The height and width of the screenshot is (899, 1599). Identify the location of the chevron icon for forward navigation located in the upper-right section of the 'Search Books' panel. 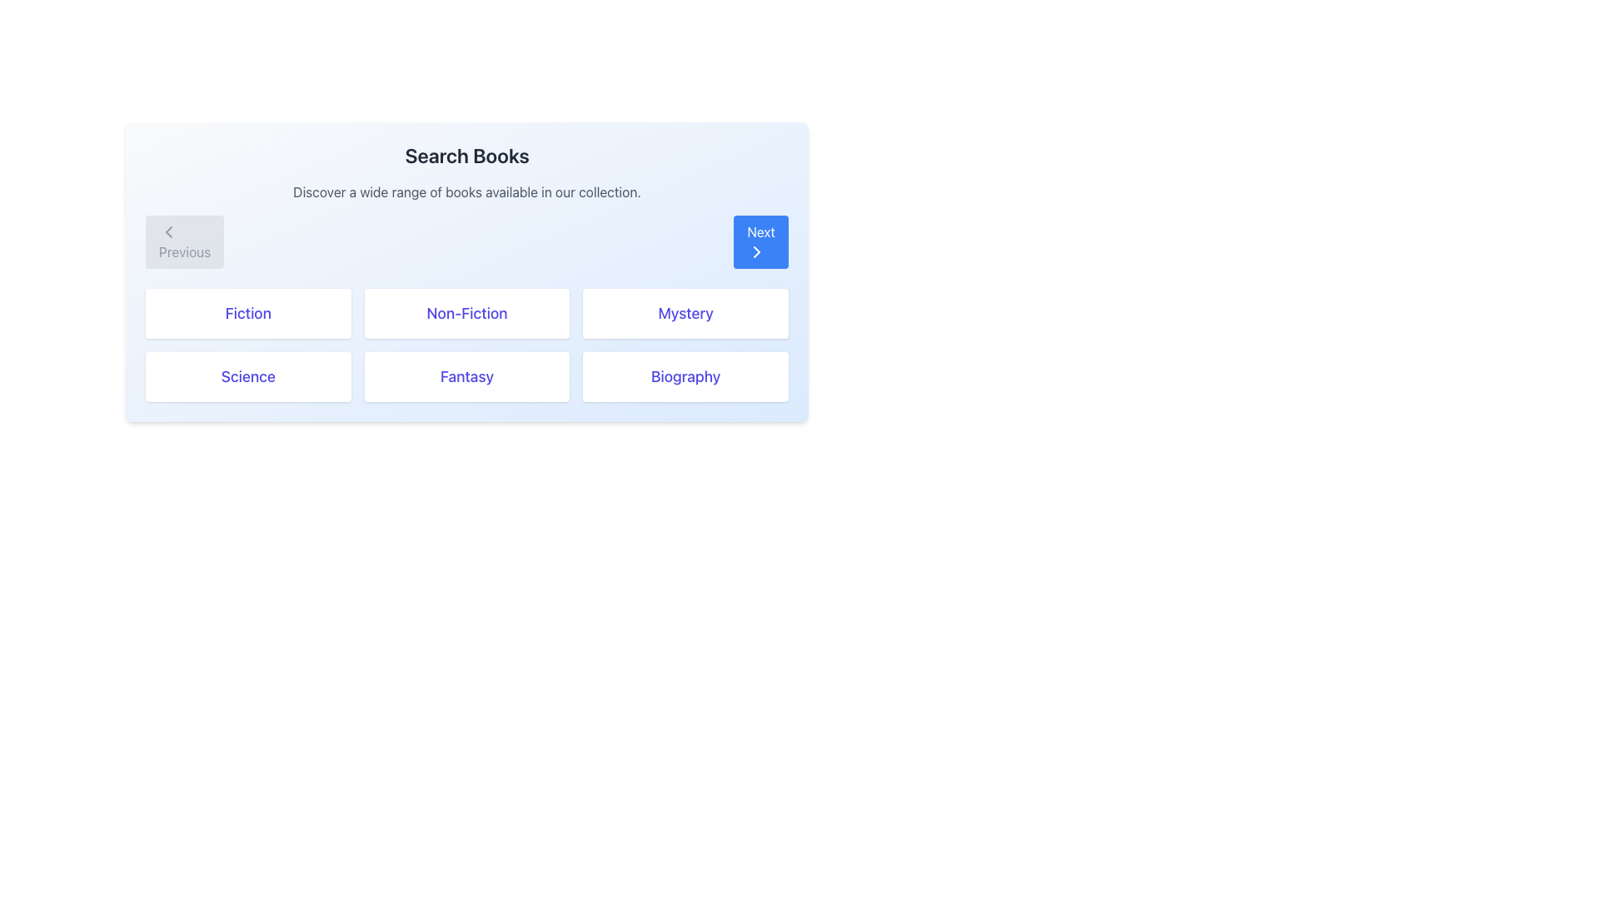
(756, 252).